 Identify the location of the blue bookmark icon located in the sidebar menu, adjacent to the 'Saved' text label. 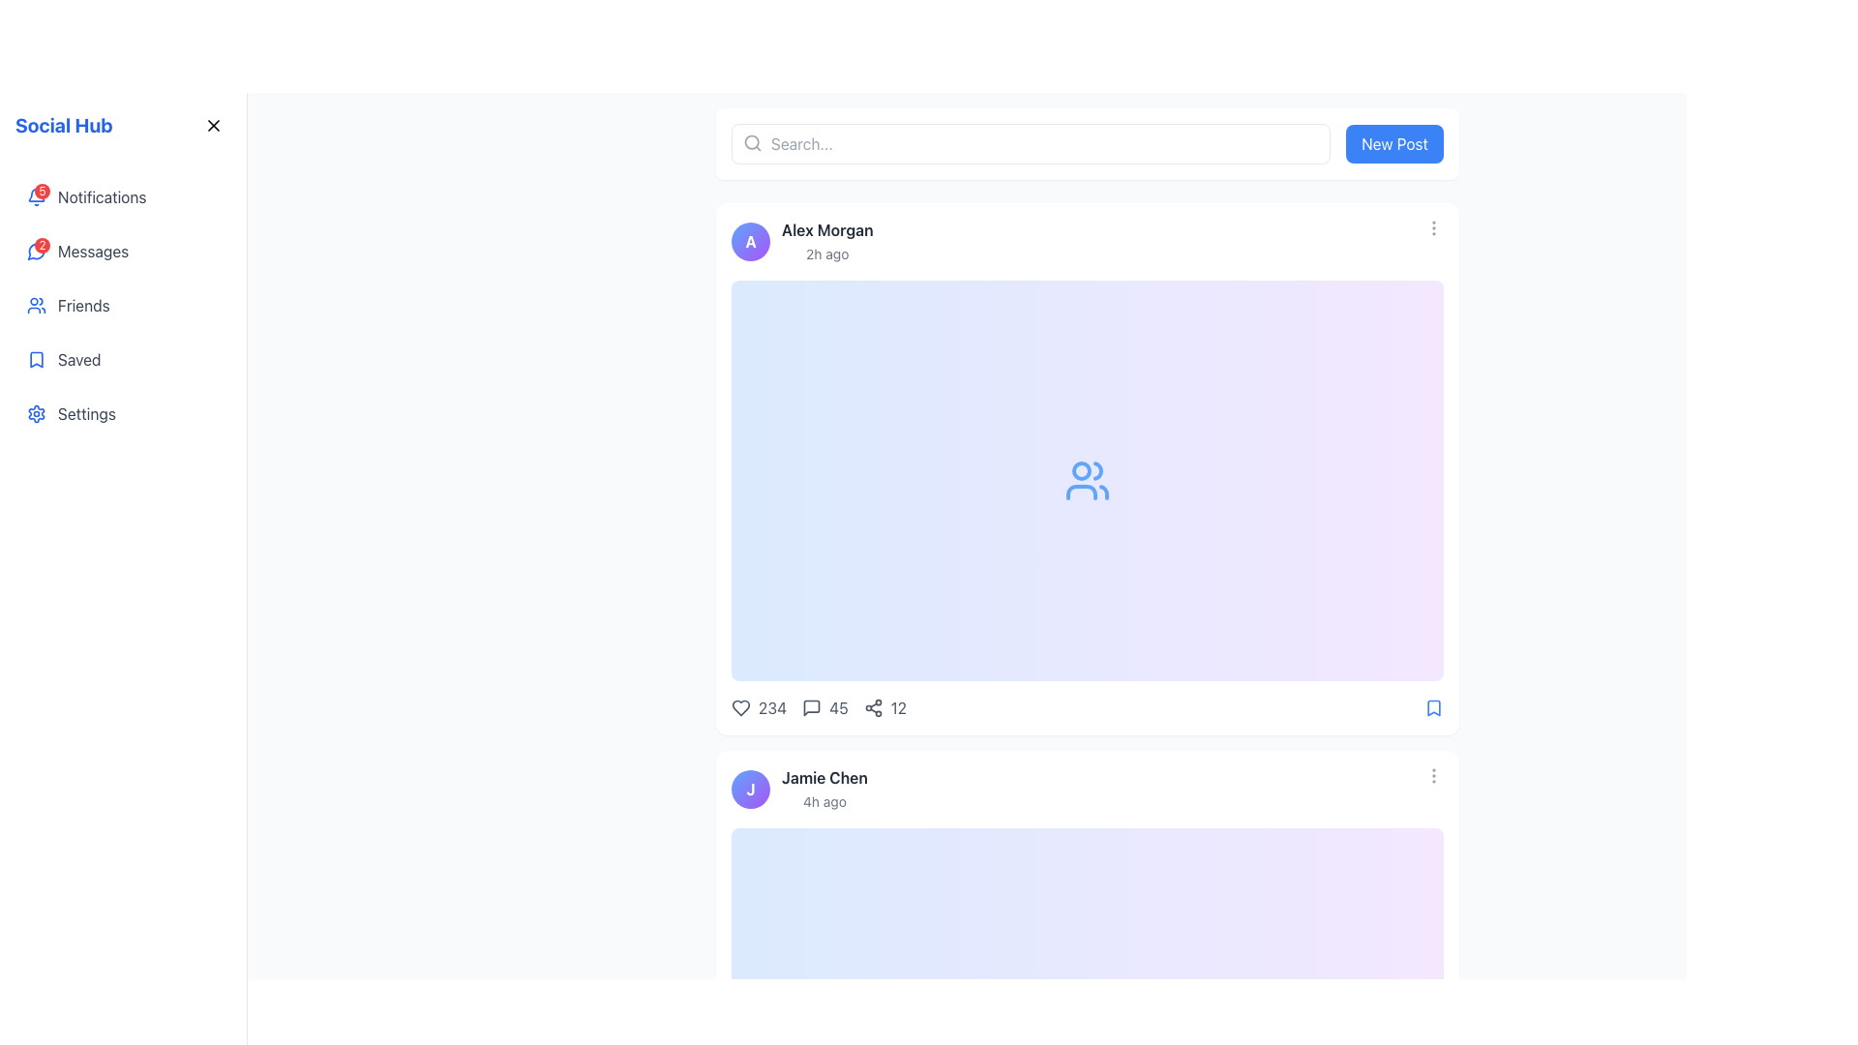
(37, 359).